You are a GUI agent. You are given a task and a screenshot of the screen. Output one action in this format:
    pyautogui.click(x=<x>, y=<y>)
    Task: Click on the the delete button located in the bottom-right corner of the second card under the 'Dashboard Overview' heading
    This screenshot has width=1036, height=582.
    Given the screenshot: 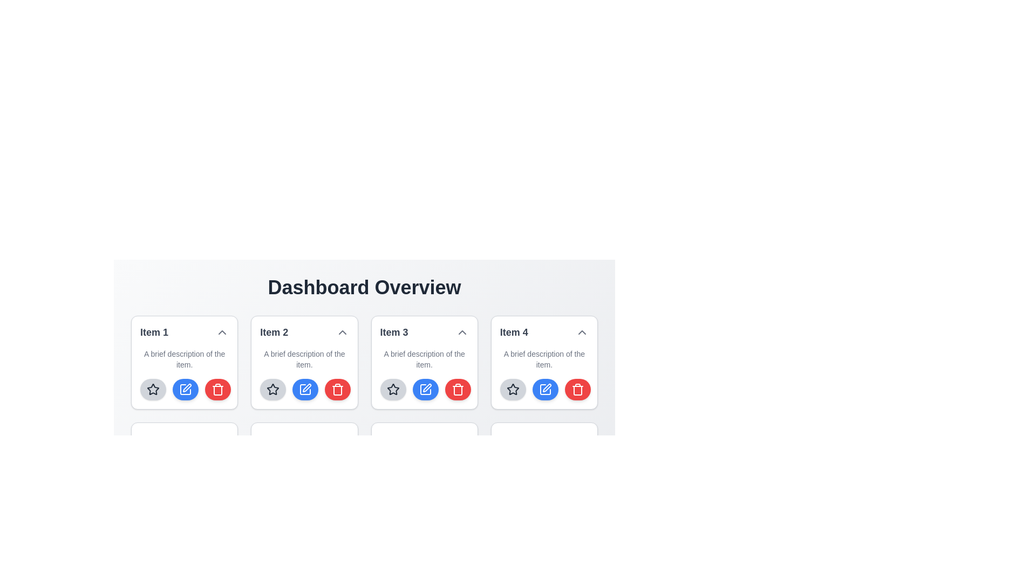 What is the action you would take?
    pyautogui.click(x=337, y=389)
    